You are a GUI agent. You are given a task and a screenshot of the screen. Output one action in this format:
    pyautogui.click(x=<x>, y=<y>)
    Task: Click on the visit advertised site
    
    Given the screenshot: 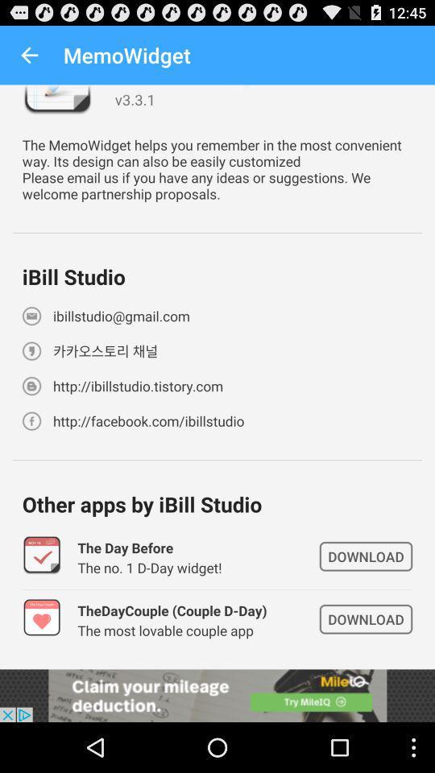 What is the action you would take?
    pyautogui.click(x=217, y=695)
    